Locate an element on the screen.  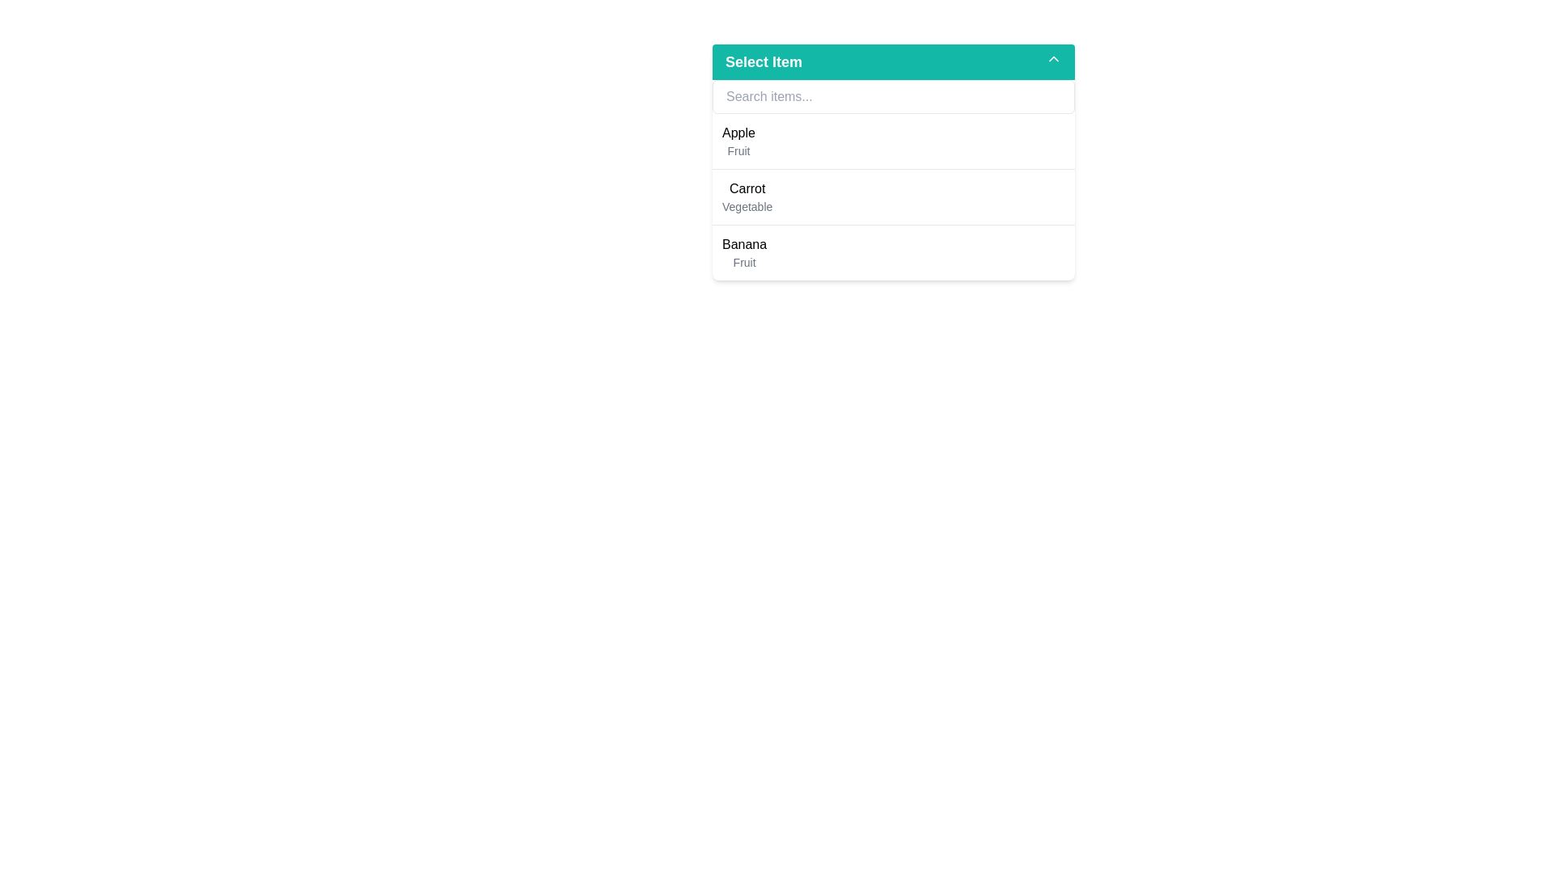
the 'Carrot' text element, which is a bold text followed by a gray subtitle 'Vegetable', located in the middle of the dropdown list is located at coordinates (747, 196).